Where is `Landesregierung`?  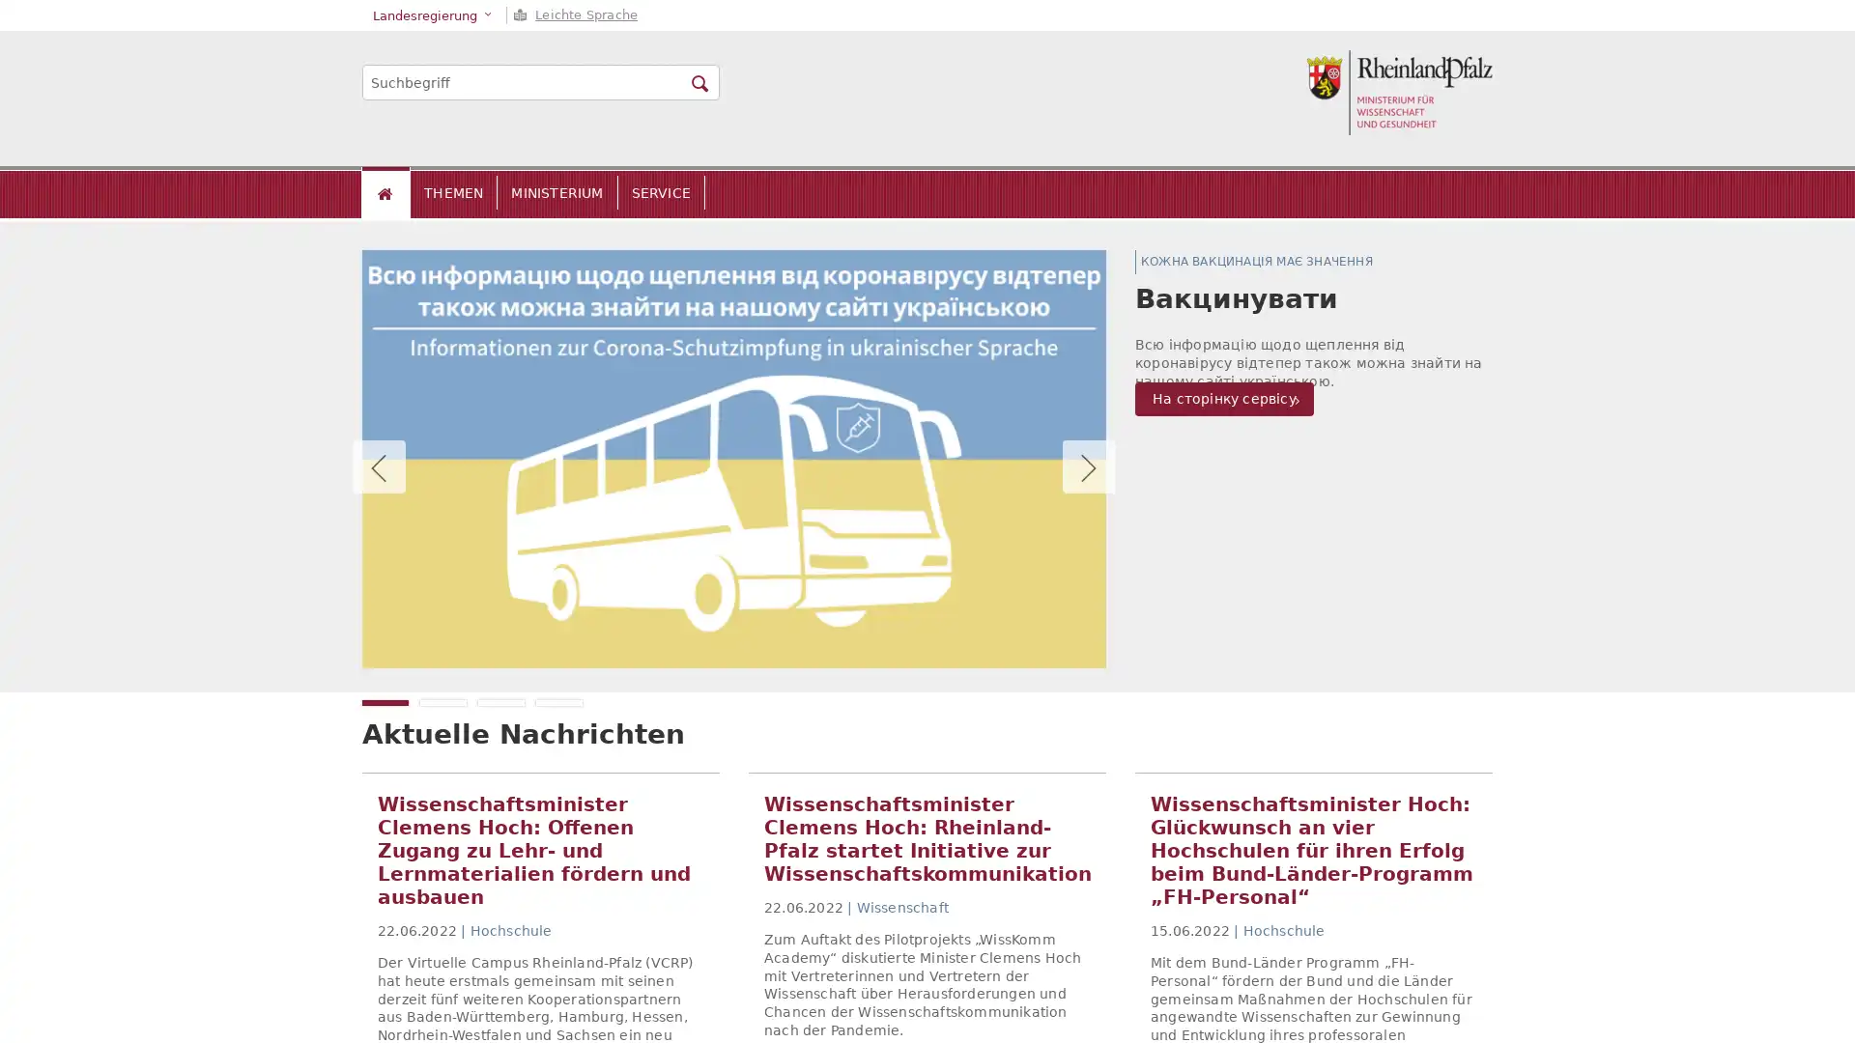 Landesregierung is located at coordinates (433, 14).